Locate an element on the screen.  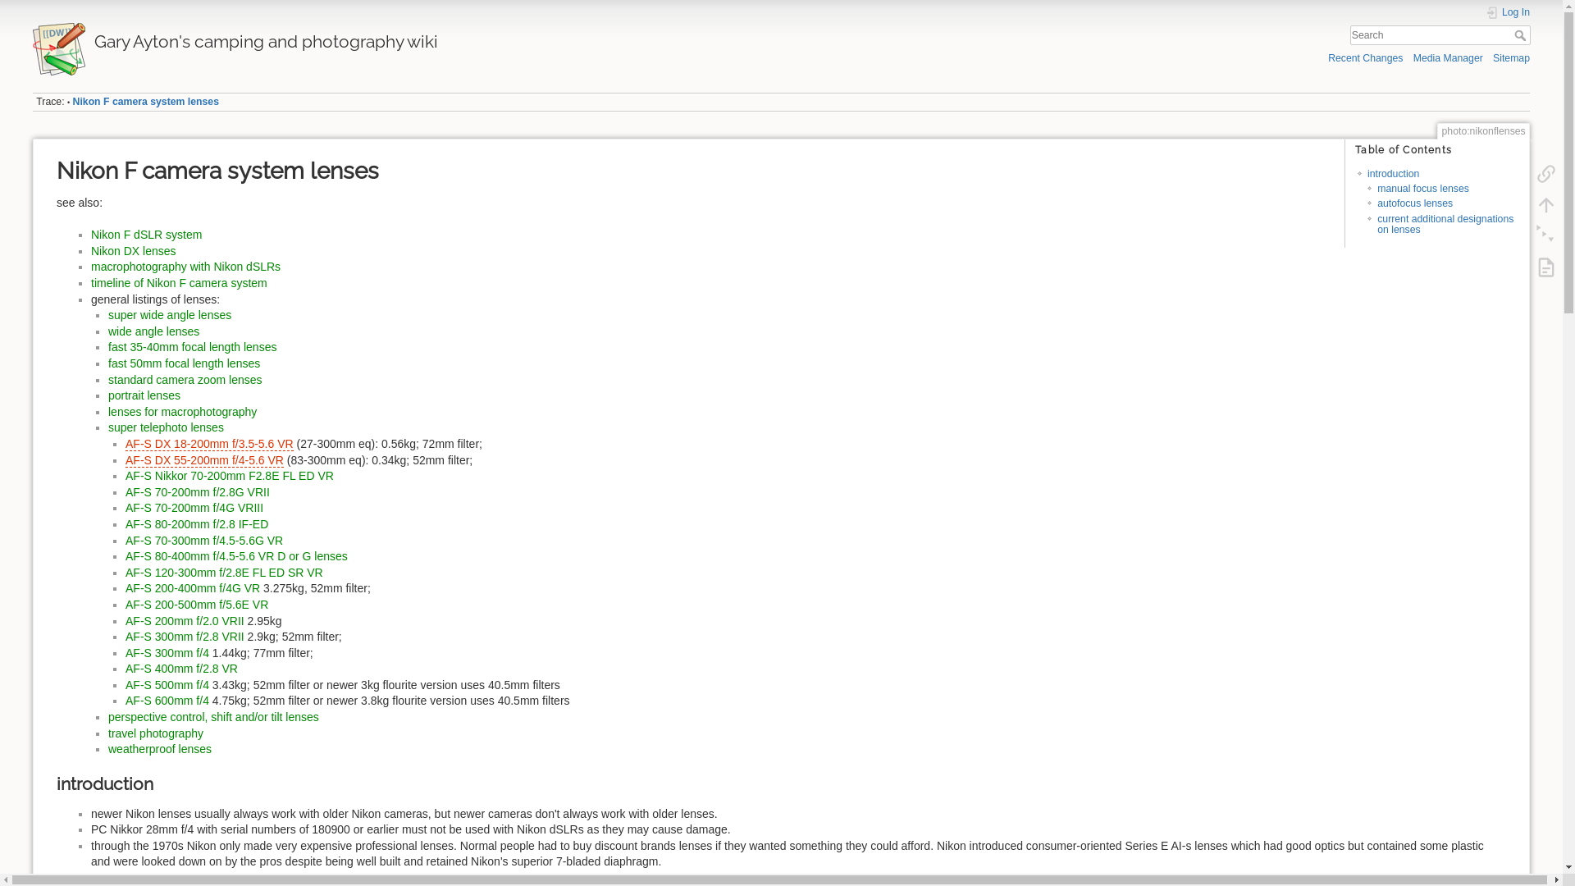
'AF-S 300mm f/4' is located at coordinates (167, 651).